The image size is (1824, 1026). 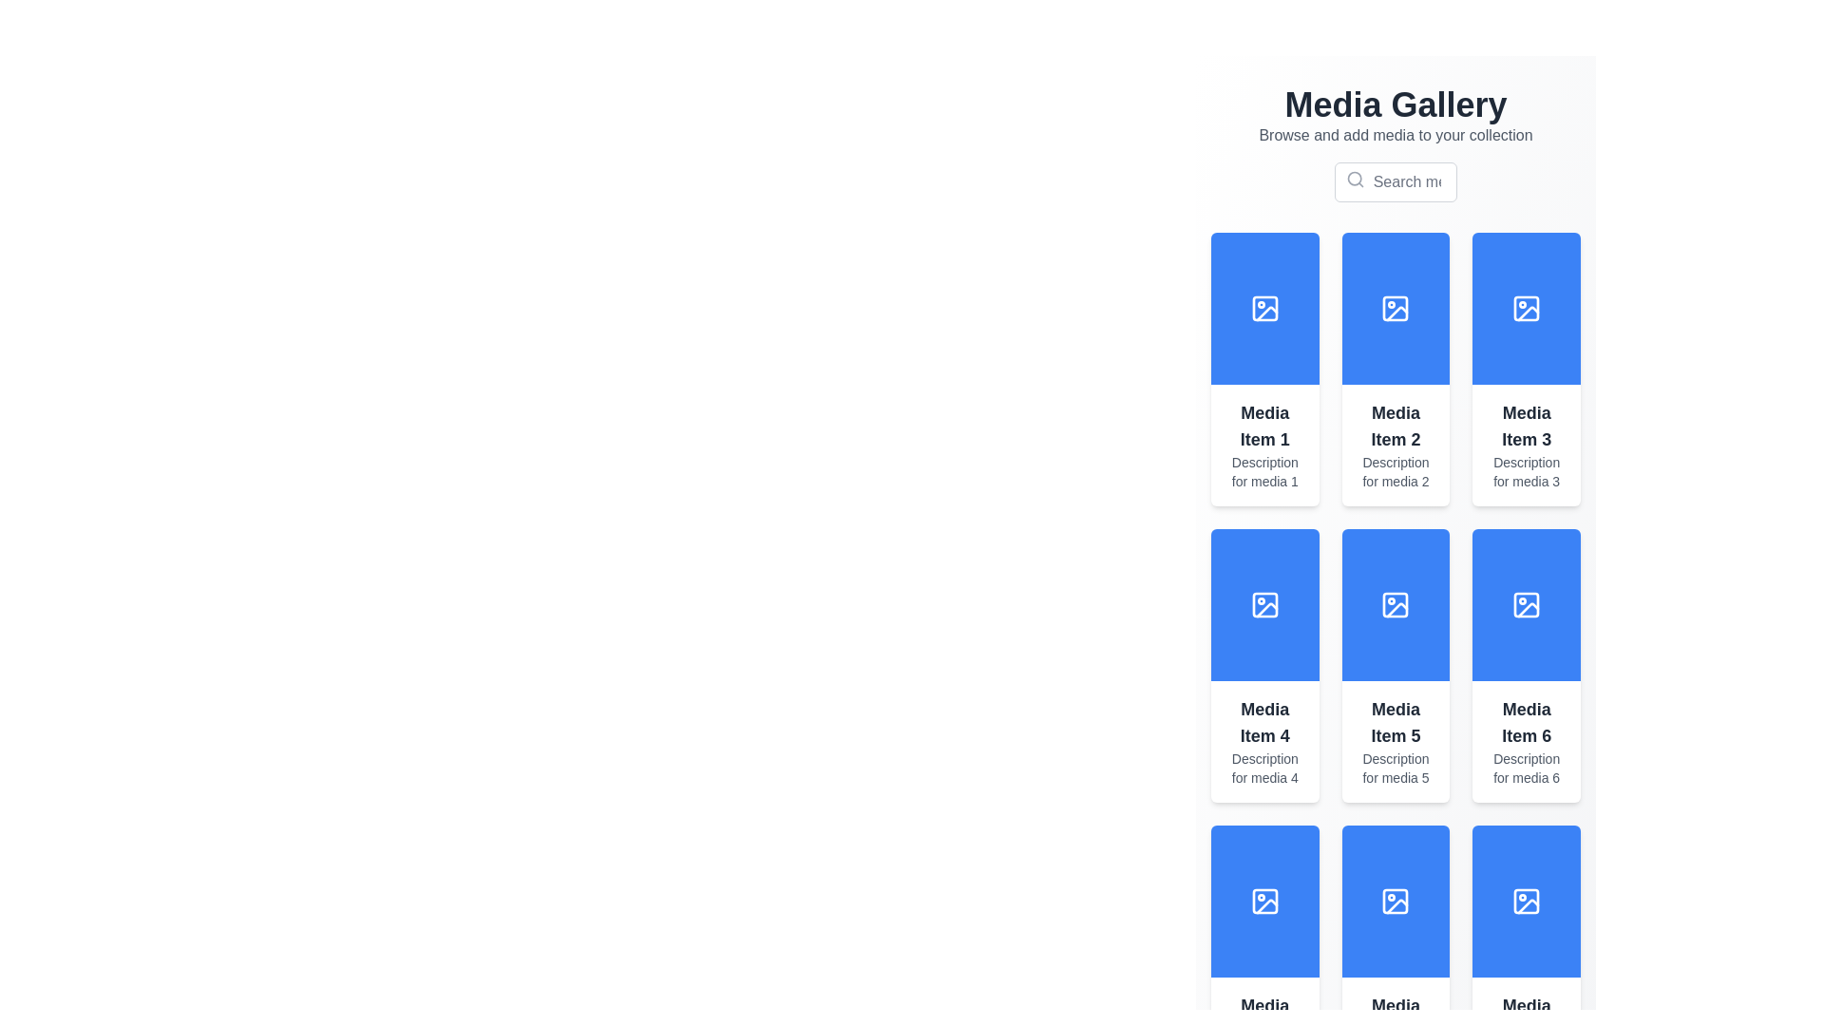 I want to click on the blue background media preview box containing the image symbol icon, located, so click(x=1264, y=307).